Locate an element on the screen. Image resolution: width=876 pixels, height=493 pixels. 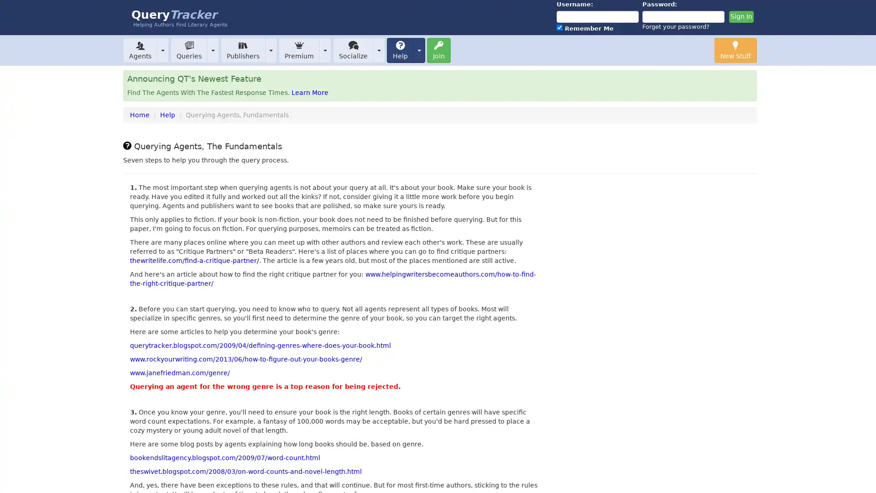
Toggle Dropdown is located at coordinates (418, 50).